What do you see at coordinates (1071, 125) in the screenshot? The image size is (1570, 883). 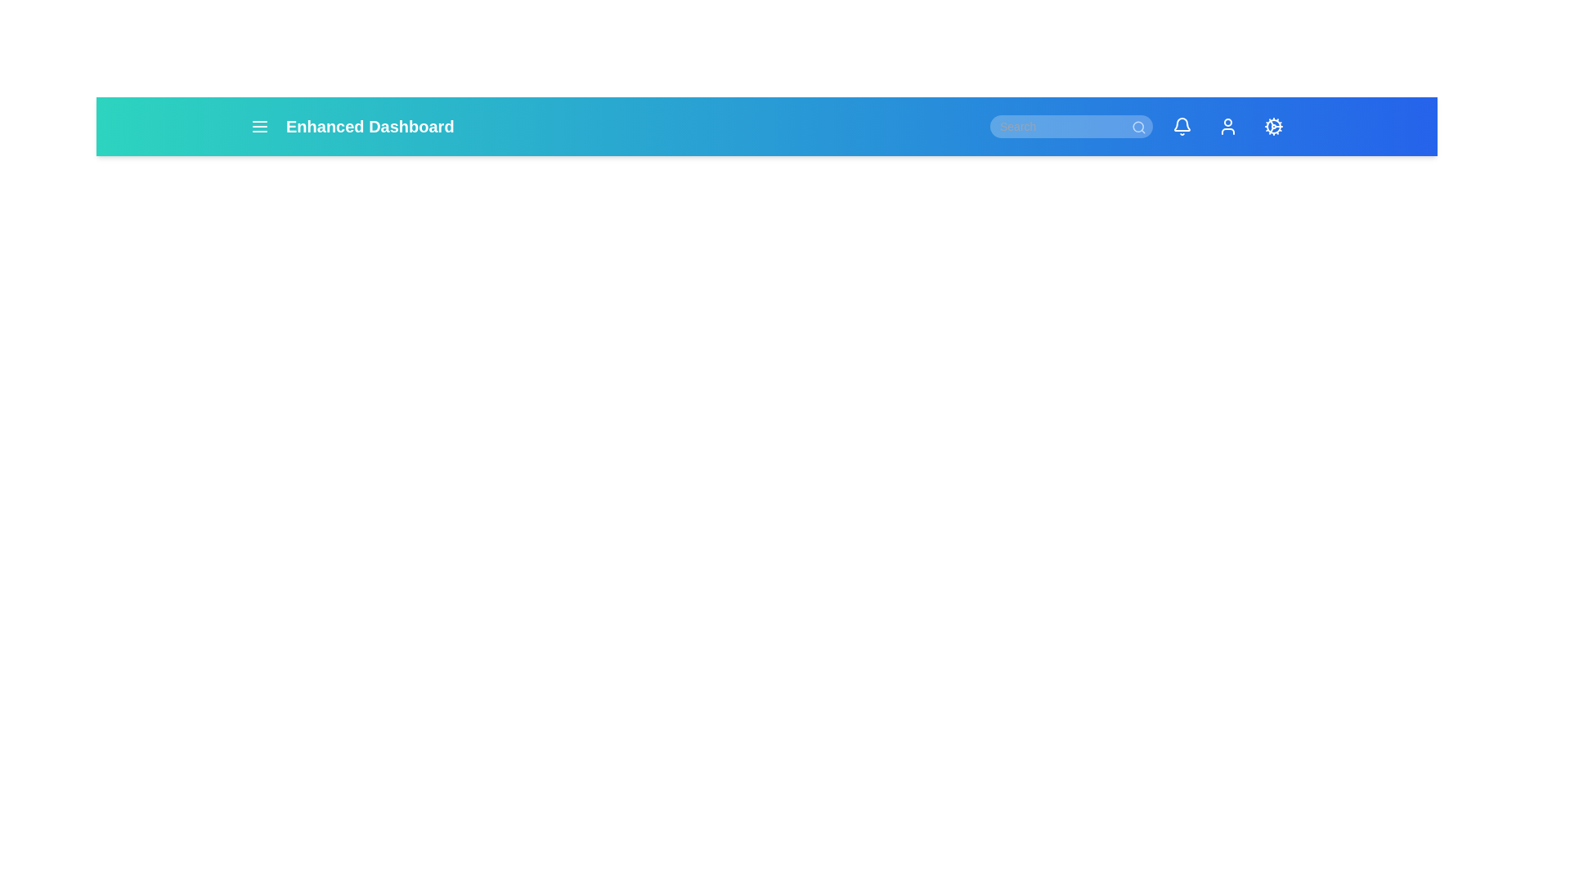 I see `the search input field to focus it` at bounding box center [1071, 125].